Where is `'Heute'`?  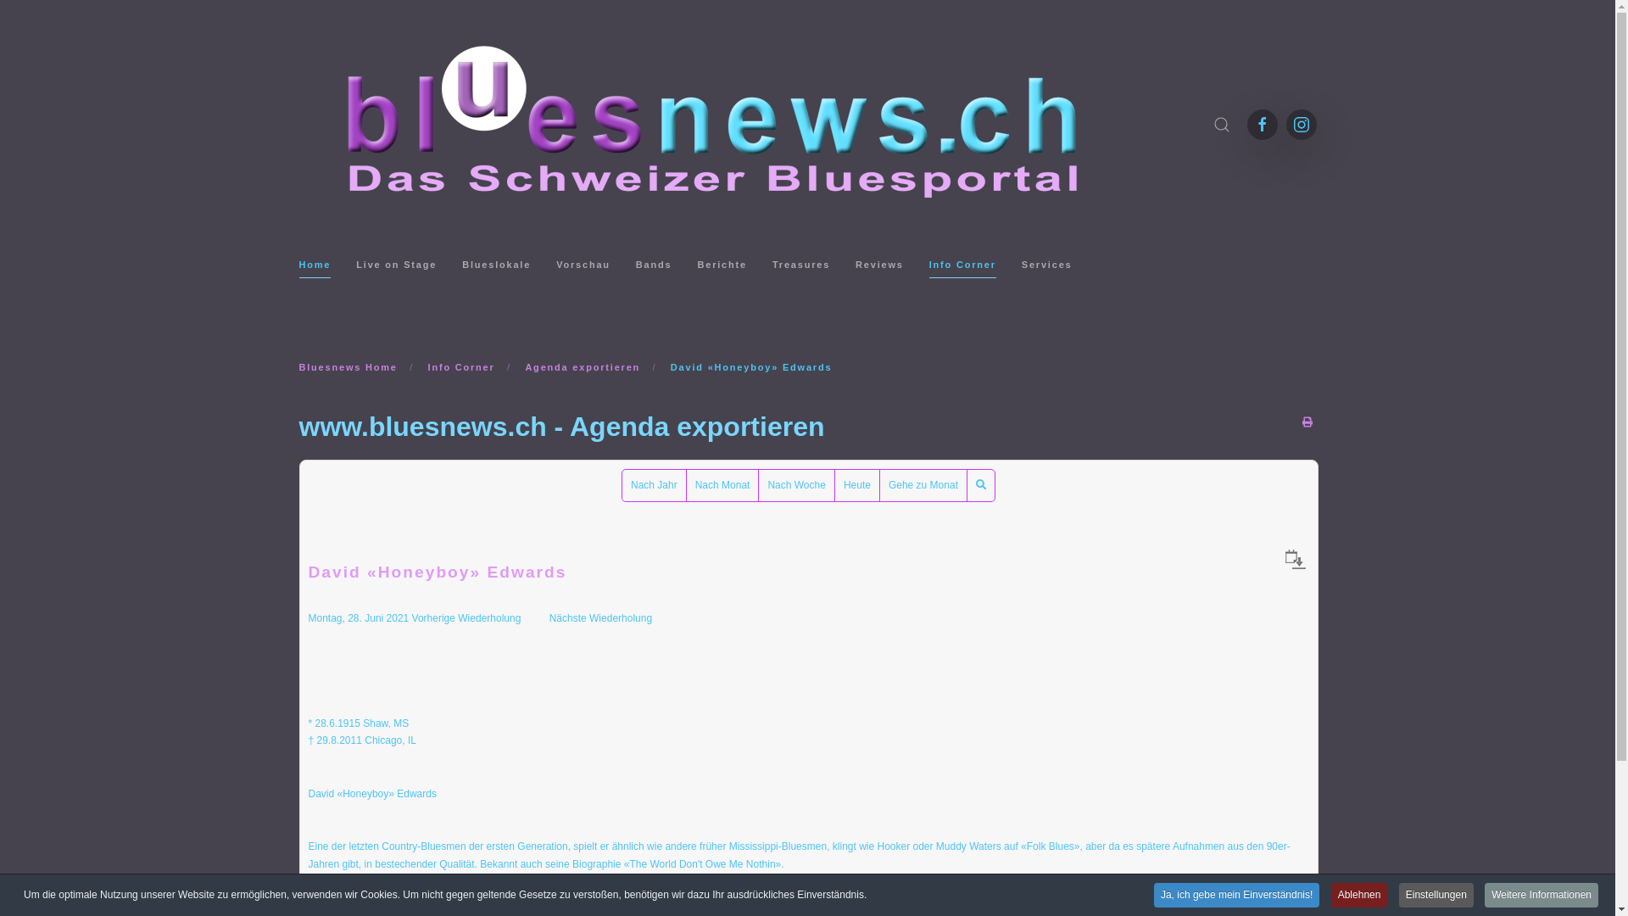 'Heute' is located at coordinates (857, 485).